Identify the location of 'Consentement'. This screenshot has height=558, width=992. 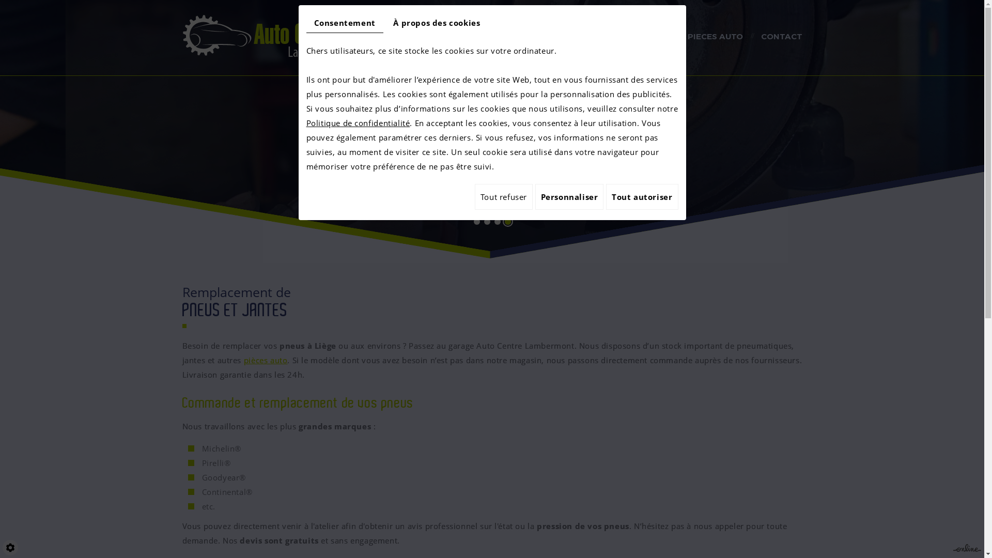
(344, 23).